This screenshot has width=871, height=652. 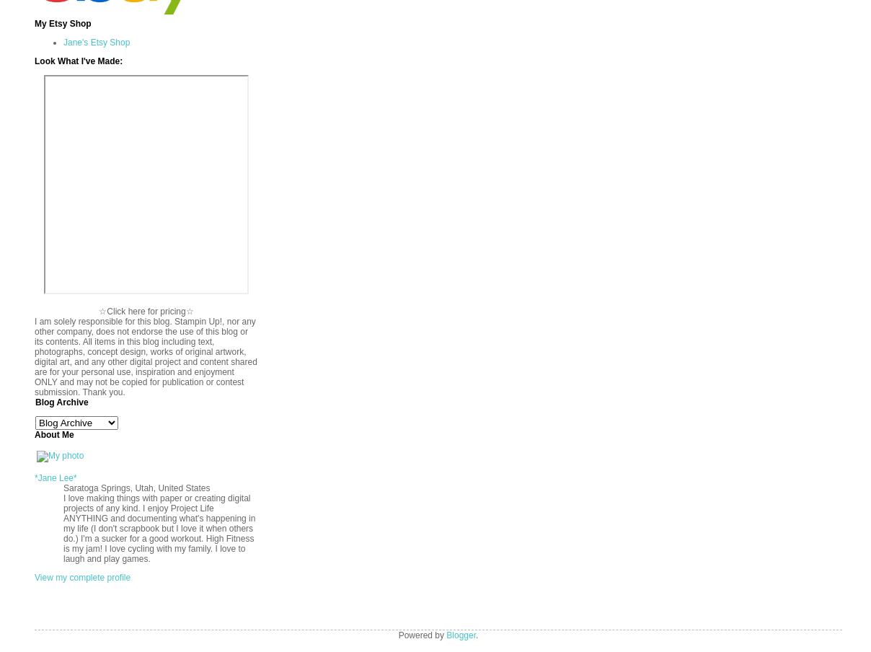 What do you see at coordinates (61, 22) in the screenshot?
I see `'My Etsy  Shop'` at bounding box center [61, 22].